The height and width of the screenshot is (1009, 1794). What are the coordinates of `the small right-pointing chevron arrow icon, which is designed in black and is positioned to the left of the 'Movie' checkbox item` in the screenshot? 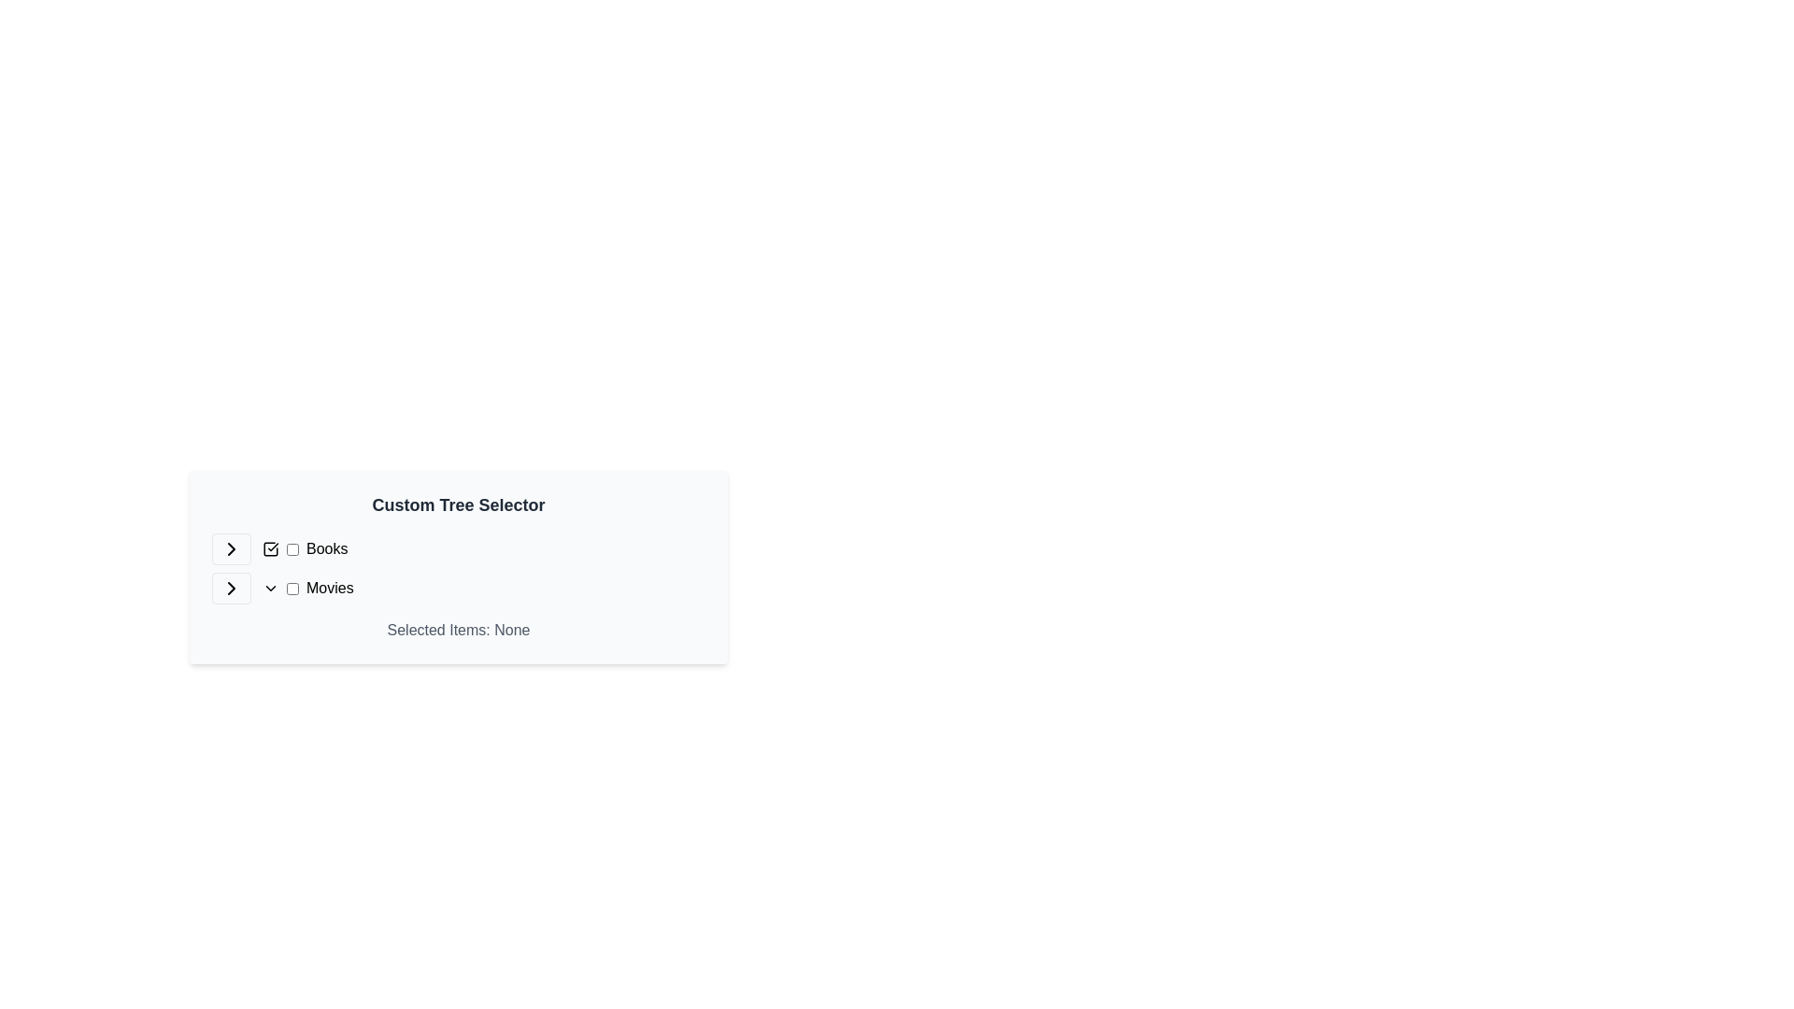 It's located at (231, 547).